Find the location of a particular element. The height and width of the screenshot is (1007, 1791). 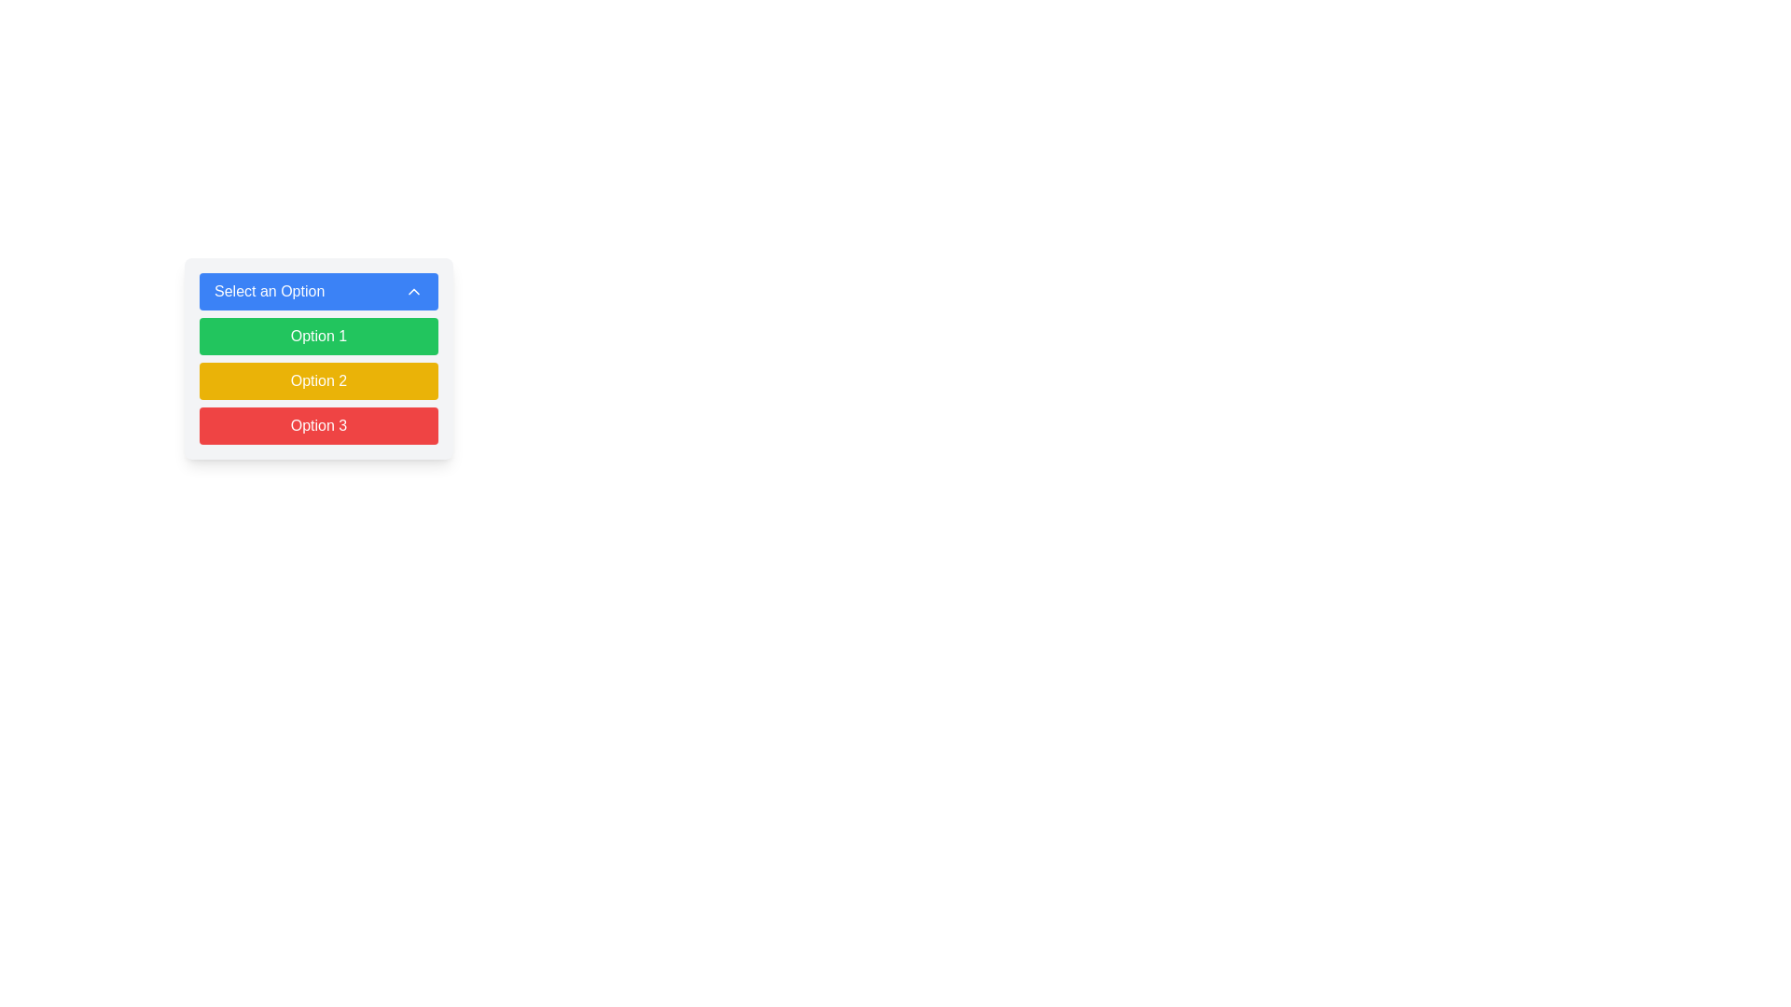

the Dropdown menu at the specified coordinates is located at coordinates (318, 359).